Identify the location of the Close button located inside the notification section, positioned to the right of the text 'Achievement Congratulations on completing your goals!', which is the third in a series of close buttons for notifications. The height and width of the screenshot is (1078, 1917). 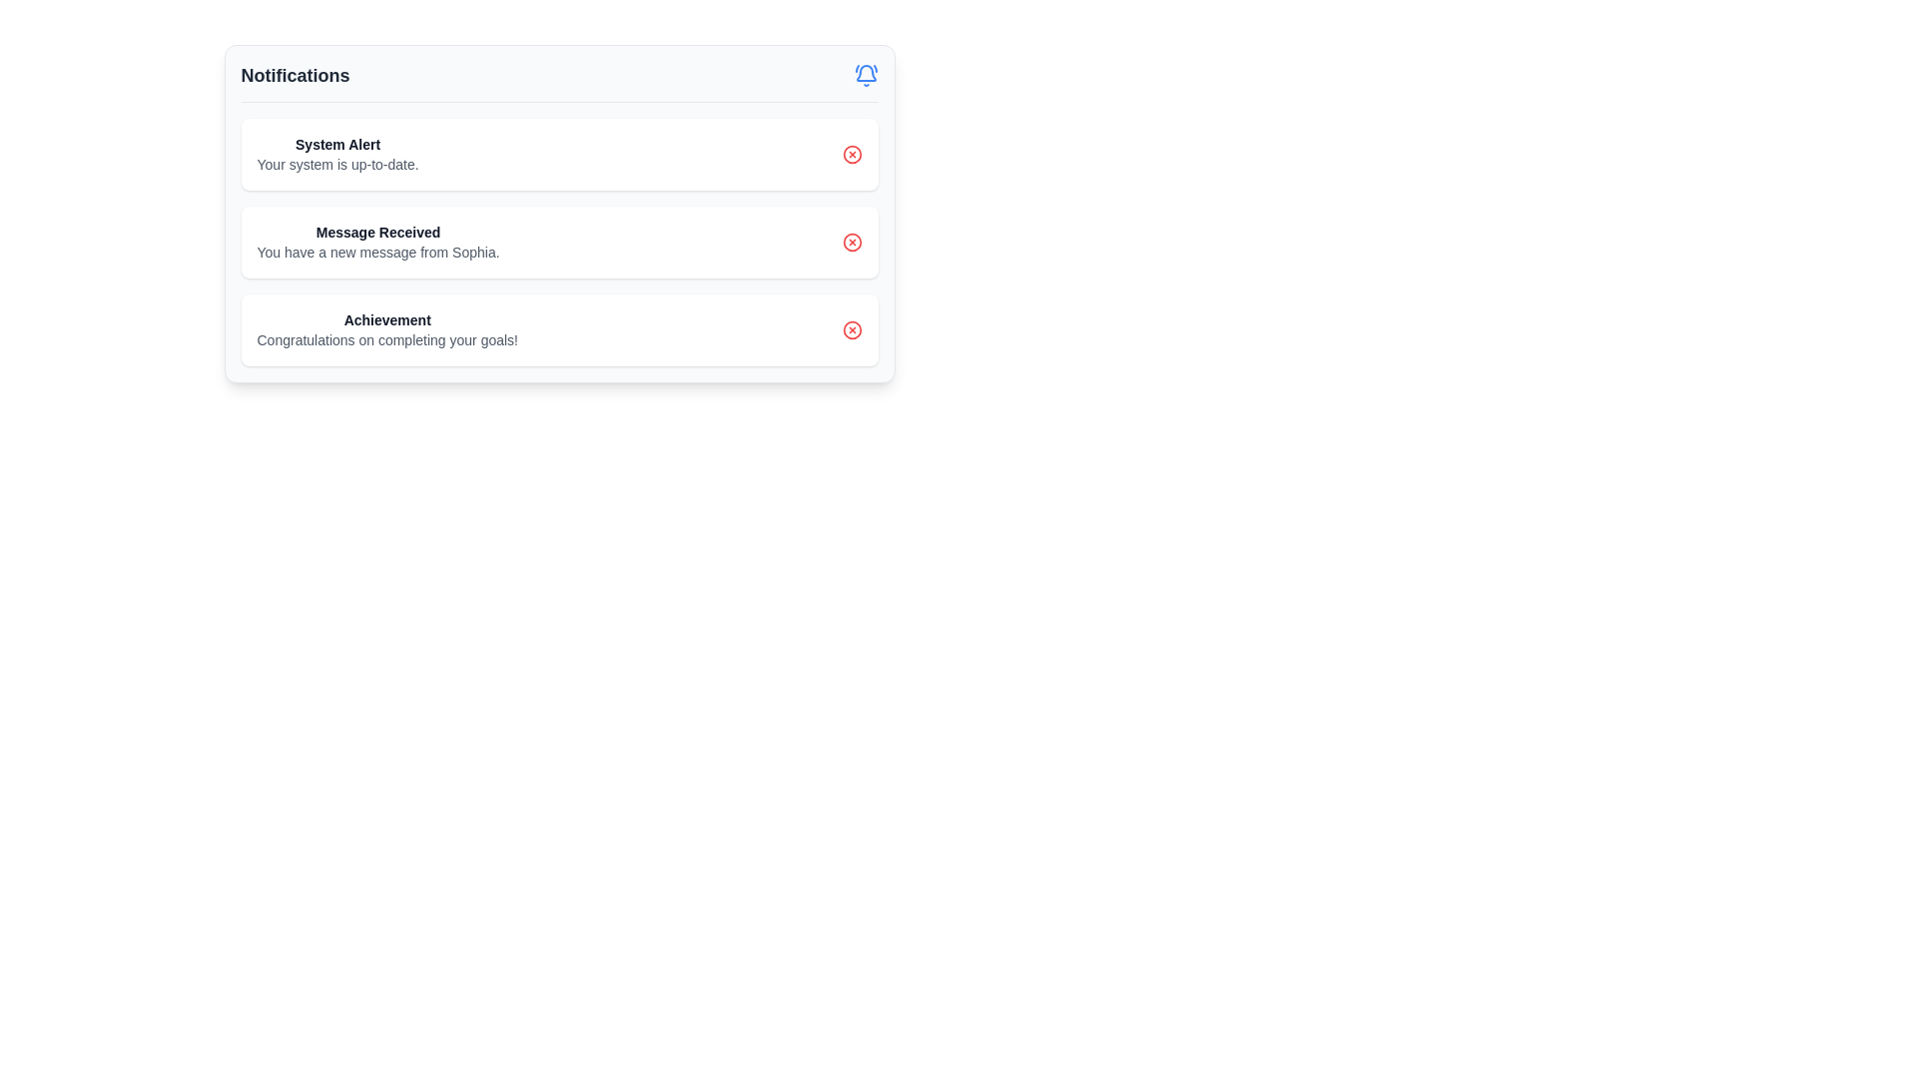
(852, 329).